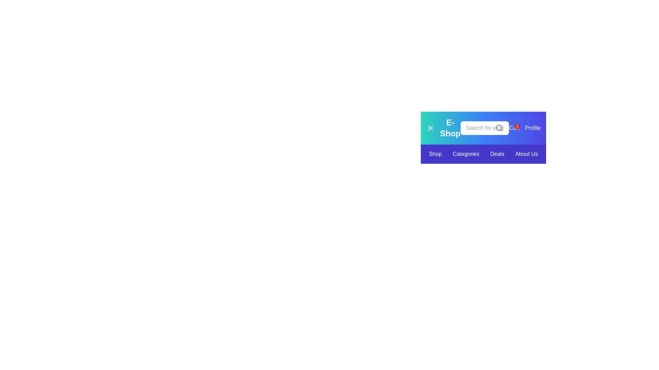 Image resolution: width=659 pixels, height=370 pixels. Describe the element at coordinates (443, 128) in the screenshot. I see `the 'E-Shop' text label or button, which is prominently displayed in bold on a gradient background in the upper left corner of the navigation bar` at that location.